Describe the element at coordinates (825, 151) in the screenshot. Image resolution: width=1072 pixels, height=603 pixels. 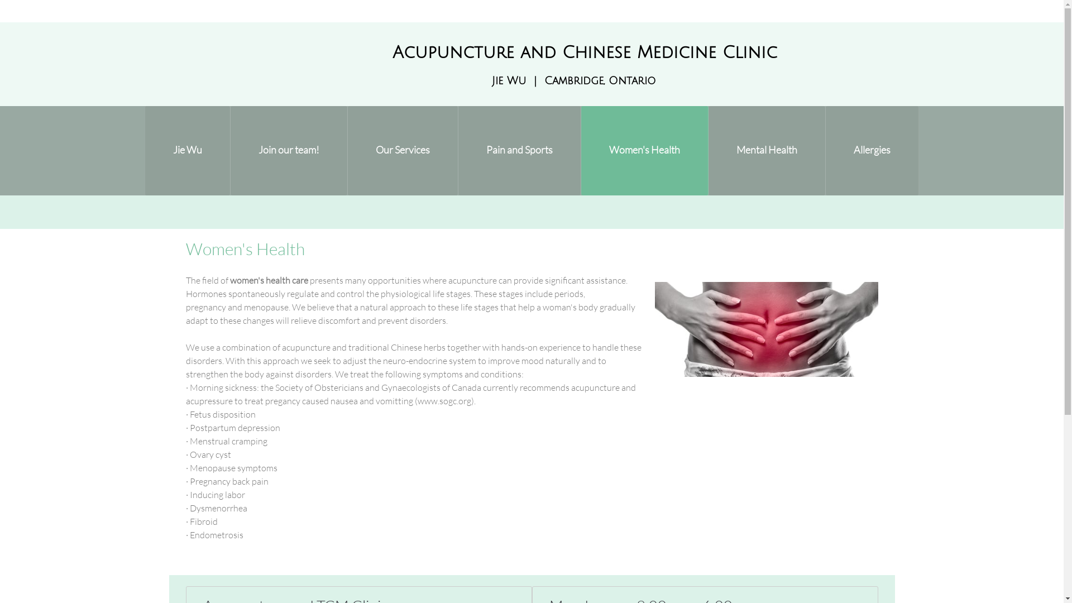
I see `'Allergies'` at that location.